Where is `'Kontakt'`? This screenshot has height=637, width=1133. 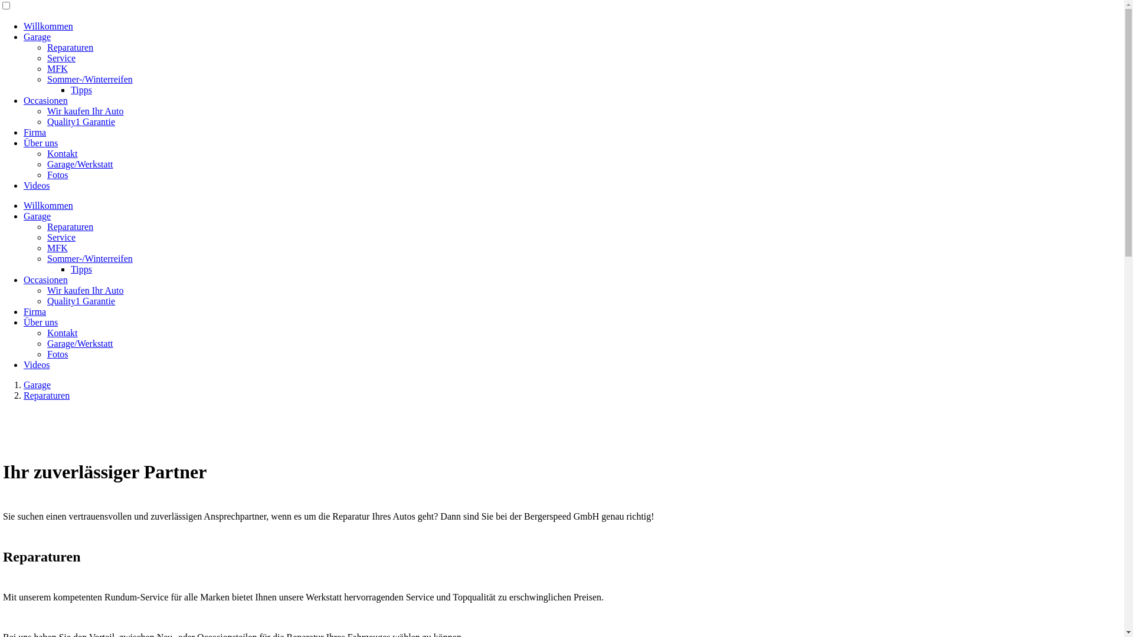 'Kontakt' is located at coordinates (47, 153).